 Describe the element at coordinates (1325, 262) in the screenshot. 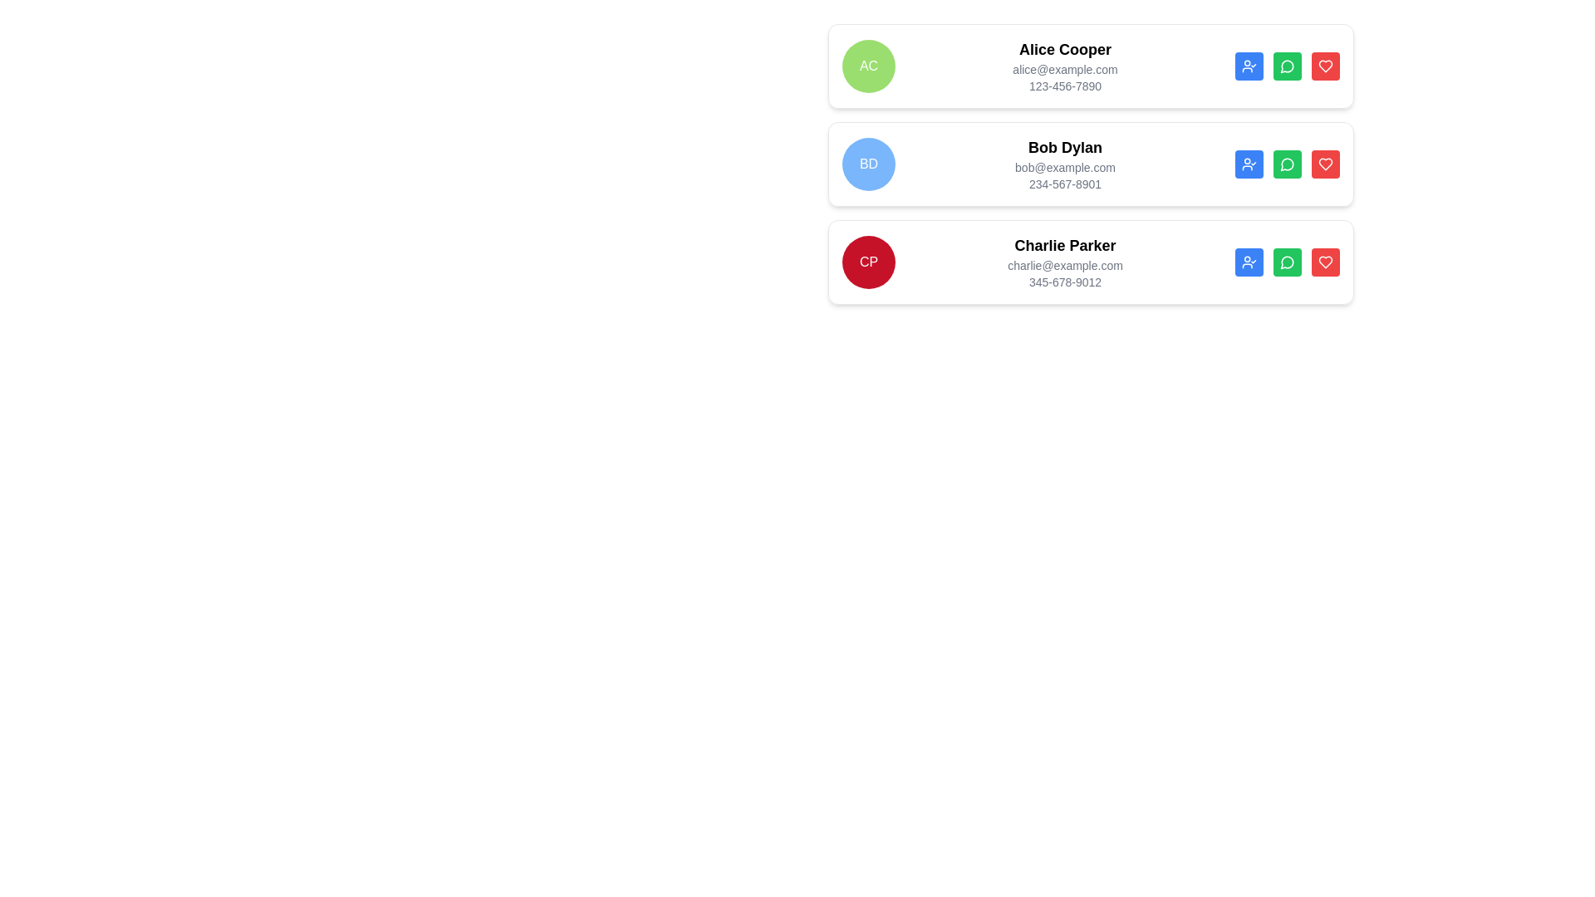

I see `the red, square-shaped button with a heart icon inside, located in the card titled 'Charlie Parker'` at that location.